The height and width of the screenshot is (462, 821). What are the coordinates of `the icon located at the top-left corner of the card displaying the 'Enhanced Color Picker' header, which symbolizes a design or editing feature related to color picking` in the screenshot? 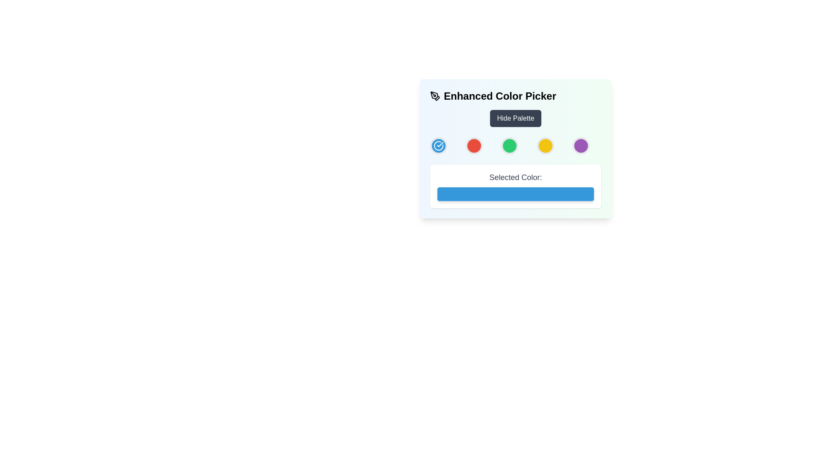 It's located at (435, 96).